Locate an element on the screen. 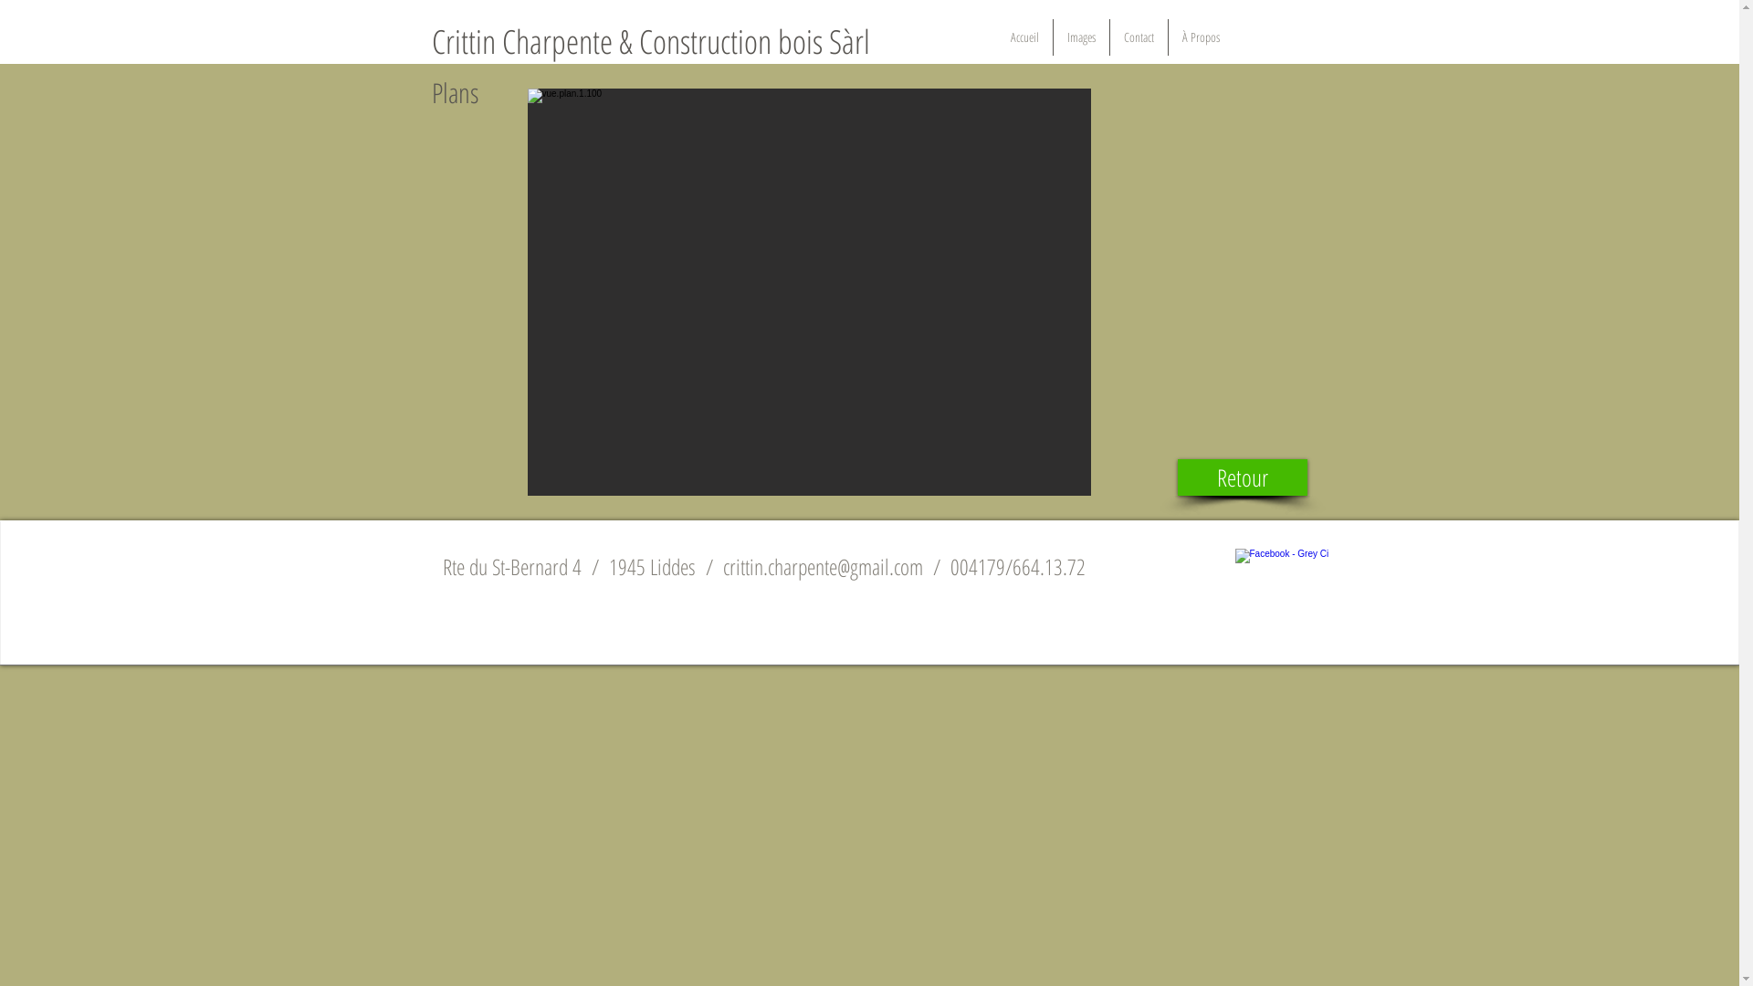  'Contact' is located at coordinates (1138, 37).